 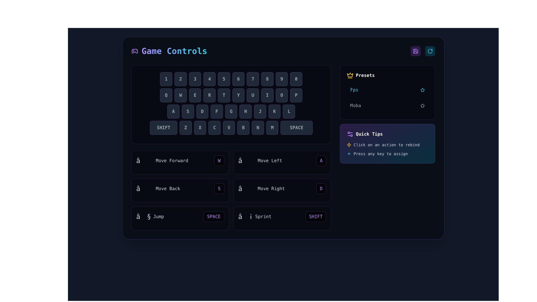 I want to click on the key-like button with the letter 'B' displayed at its center, so click(x=243, y=128).